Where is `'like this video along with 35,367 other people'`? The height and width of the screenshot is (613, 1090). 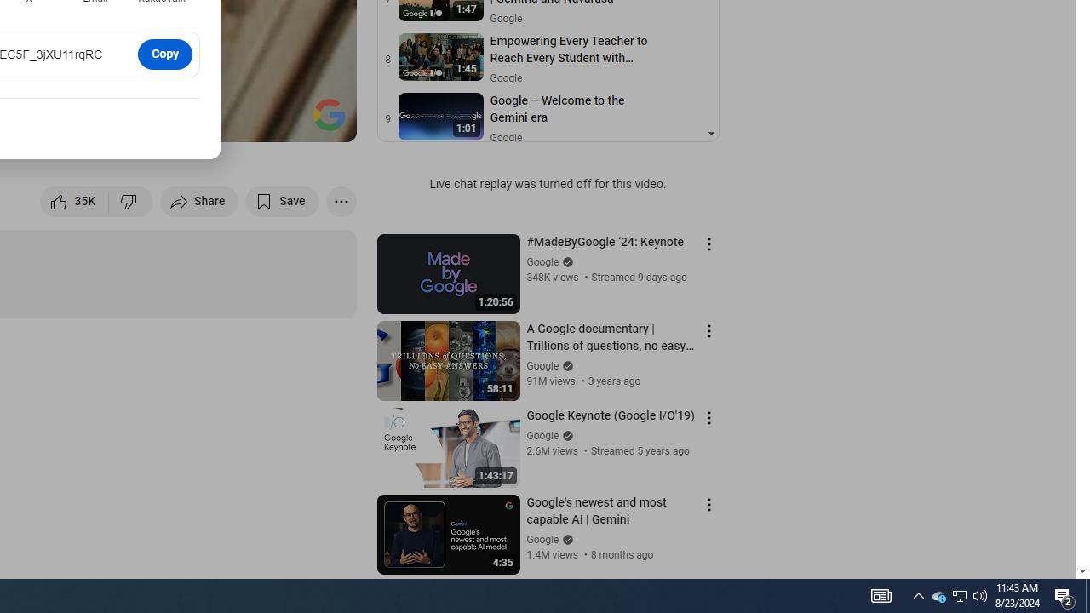
'like this video along with 35,367 other people' is located at coordinates (74, 200).